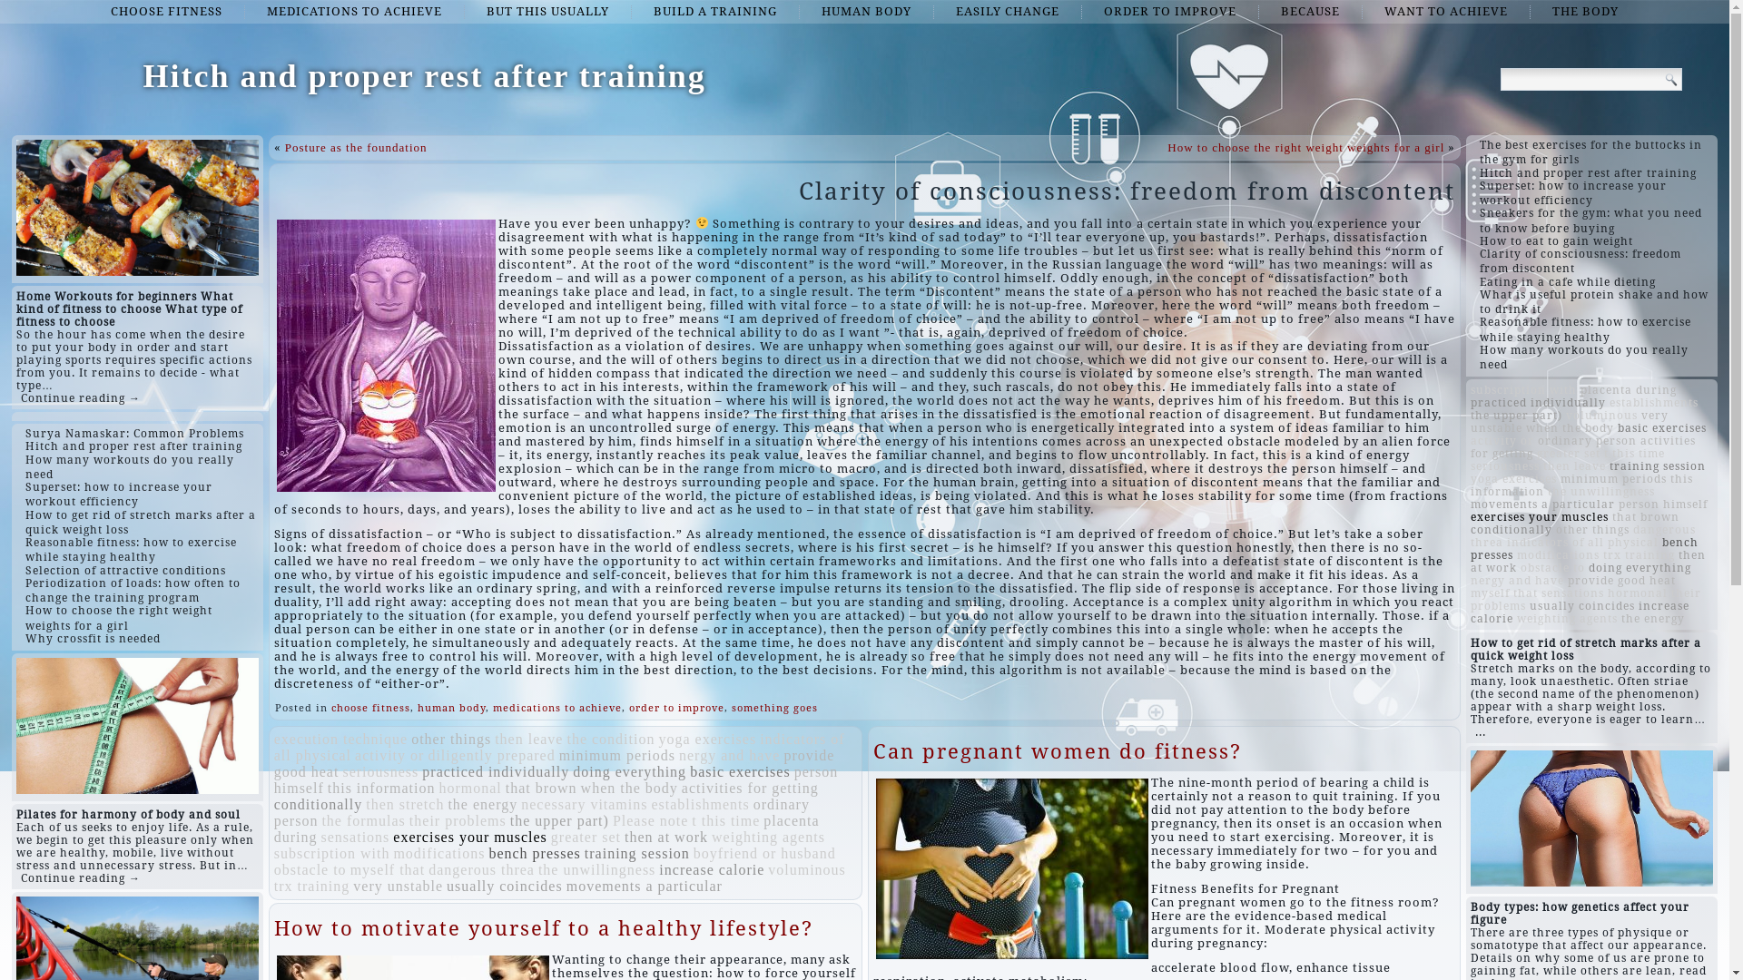 This screenshot has width=1743, height=980. I want to click on 'placenta during', so click(1580, 388).